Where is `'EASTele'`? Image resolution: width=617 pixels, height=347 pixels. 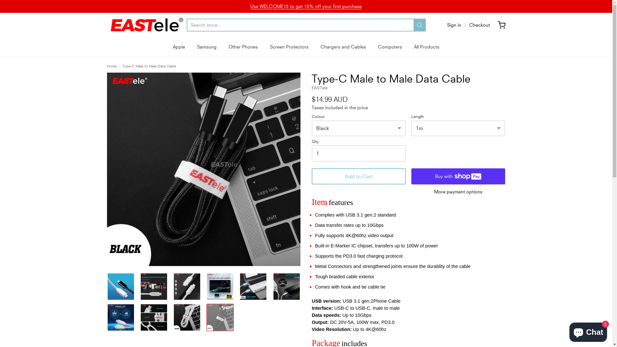 'EASTele' is located at coordinates (146, 24).